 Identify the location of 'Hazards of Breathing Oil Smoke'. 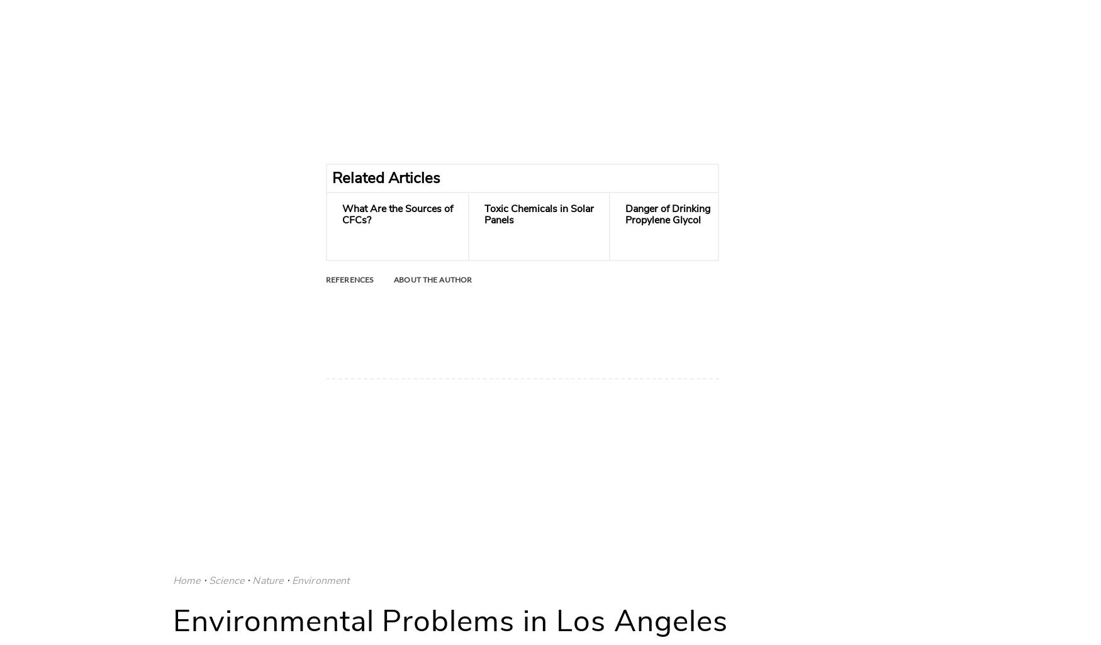
(820, 214).